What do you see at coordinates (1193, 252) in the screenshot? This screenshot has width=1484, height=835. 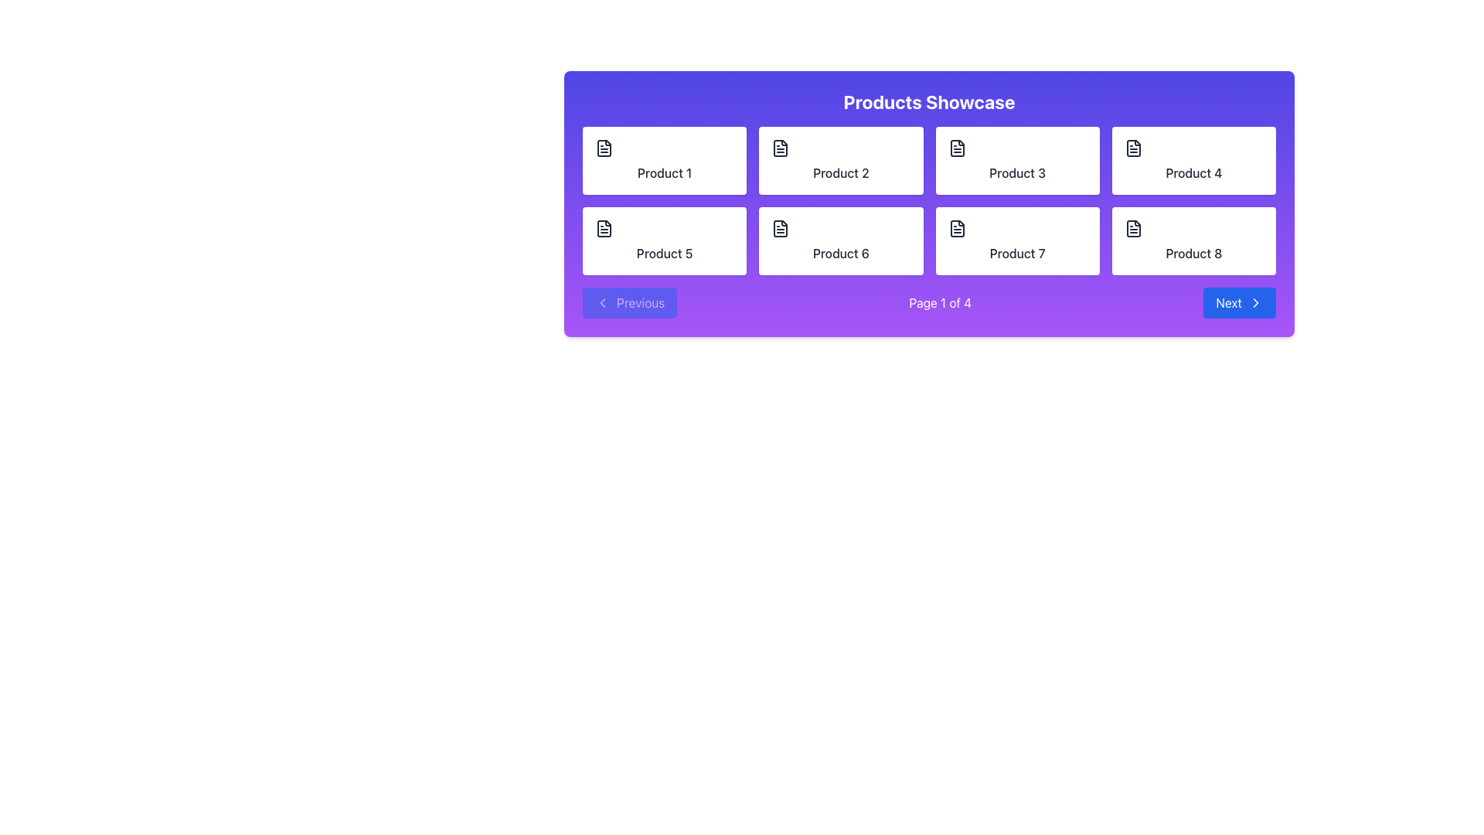 I see `the static text label that identifies the product within the 'Products Showcase' grid layout, positioned centrally in its card layout` at bounding box center [1193, 252].